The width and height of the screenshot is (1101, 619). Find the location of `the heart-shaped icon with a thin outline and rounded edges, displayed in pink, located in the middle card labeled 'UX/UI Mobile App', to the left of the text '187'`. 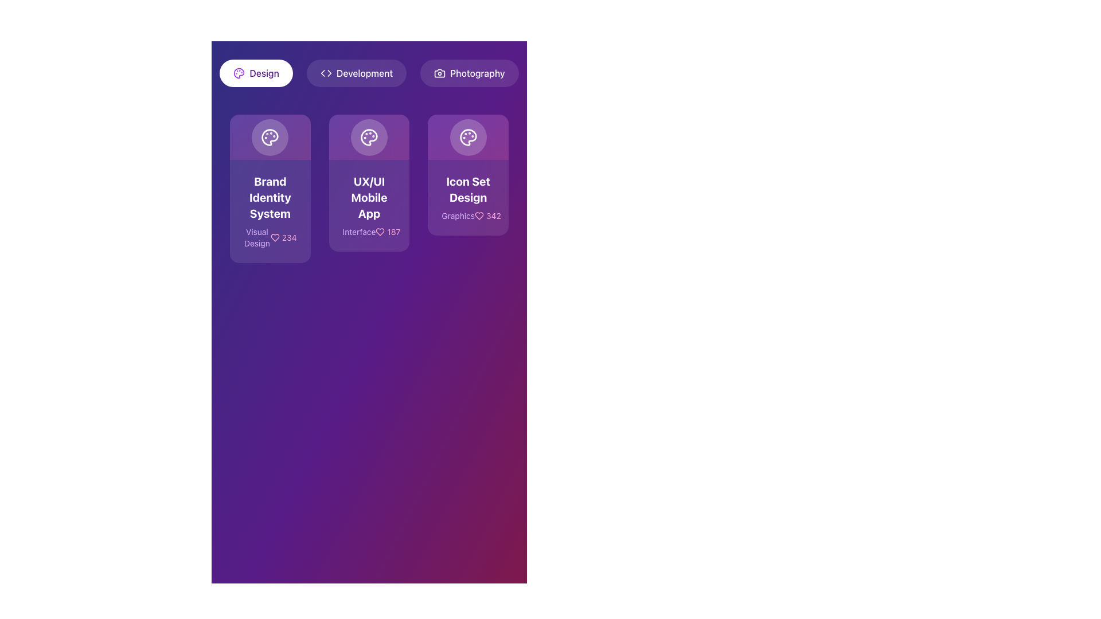

the heart-shaped icon with a thin outline and rounded edges, displayed in pink, located in the middle card labeled 'UX/UI Mobile App', to the left of the text '187' is located at coordinates (380, 232).